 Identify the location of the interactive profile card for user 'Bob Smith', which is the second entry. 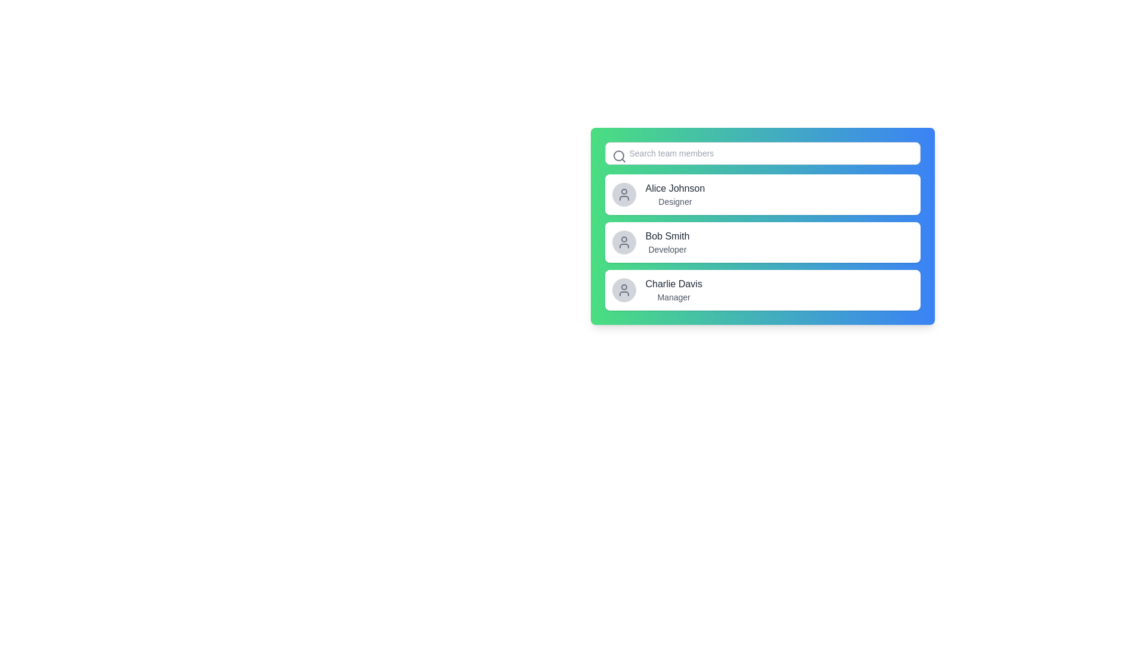
(762, 242).